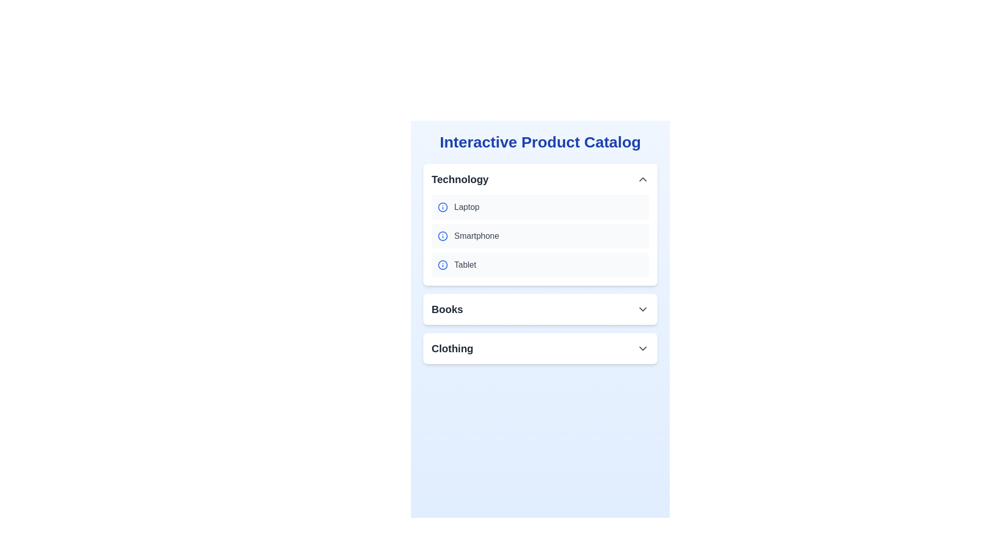  Describe the element at coordinates (443, 264) in the screenshot. I see `the information icon styled with a circular outline, located adjacent to the 'Tablet' text label in the 'Technology' section` at that location.